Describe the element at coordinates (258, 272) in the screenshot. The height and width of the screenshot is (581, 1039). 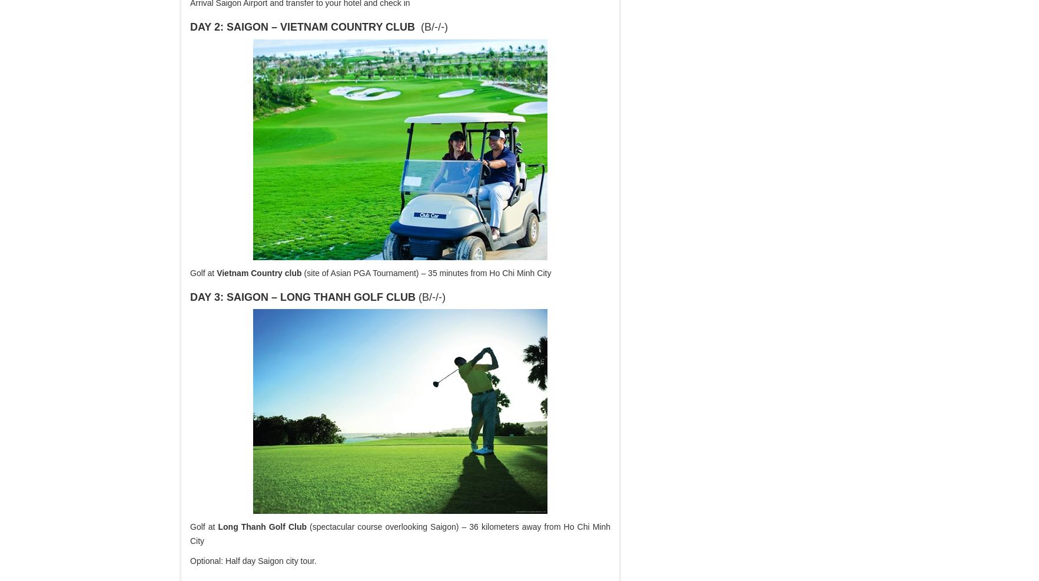
I see `'Vietnam Country club'` at that location.